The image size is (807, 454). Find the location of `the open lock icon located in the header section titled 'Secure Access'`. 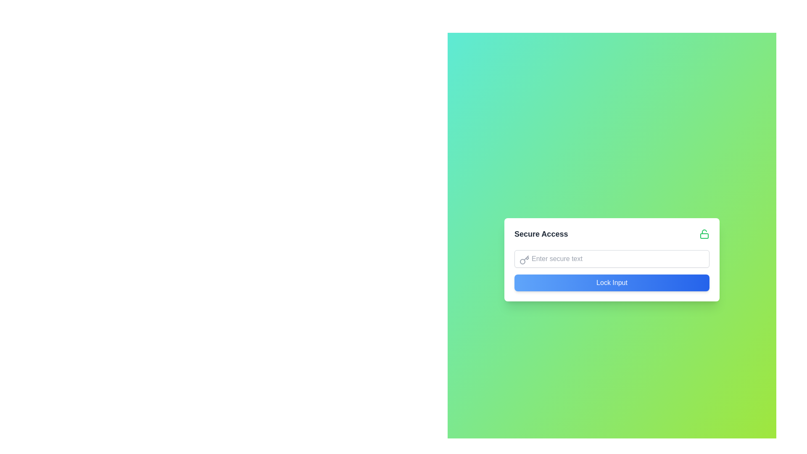

the open lock icon located in the header section titled 'Secure Access' is located at coordinates (704, 234).